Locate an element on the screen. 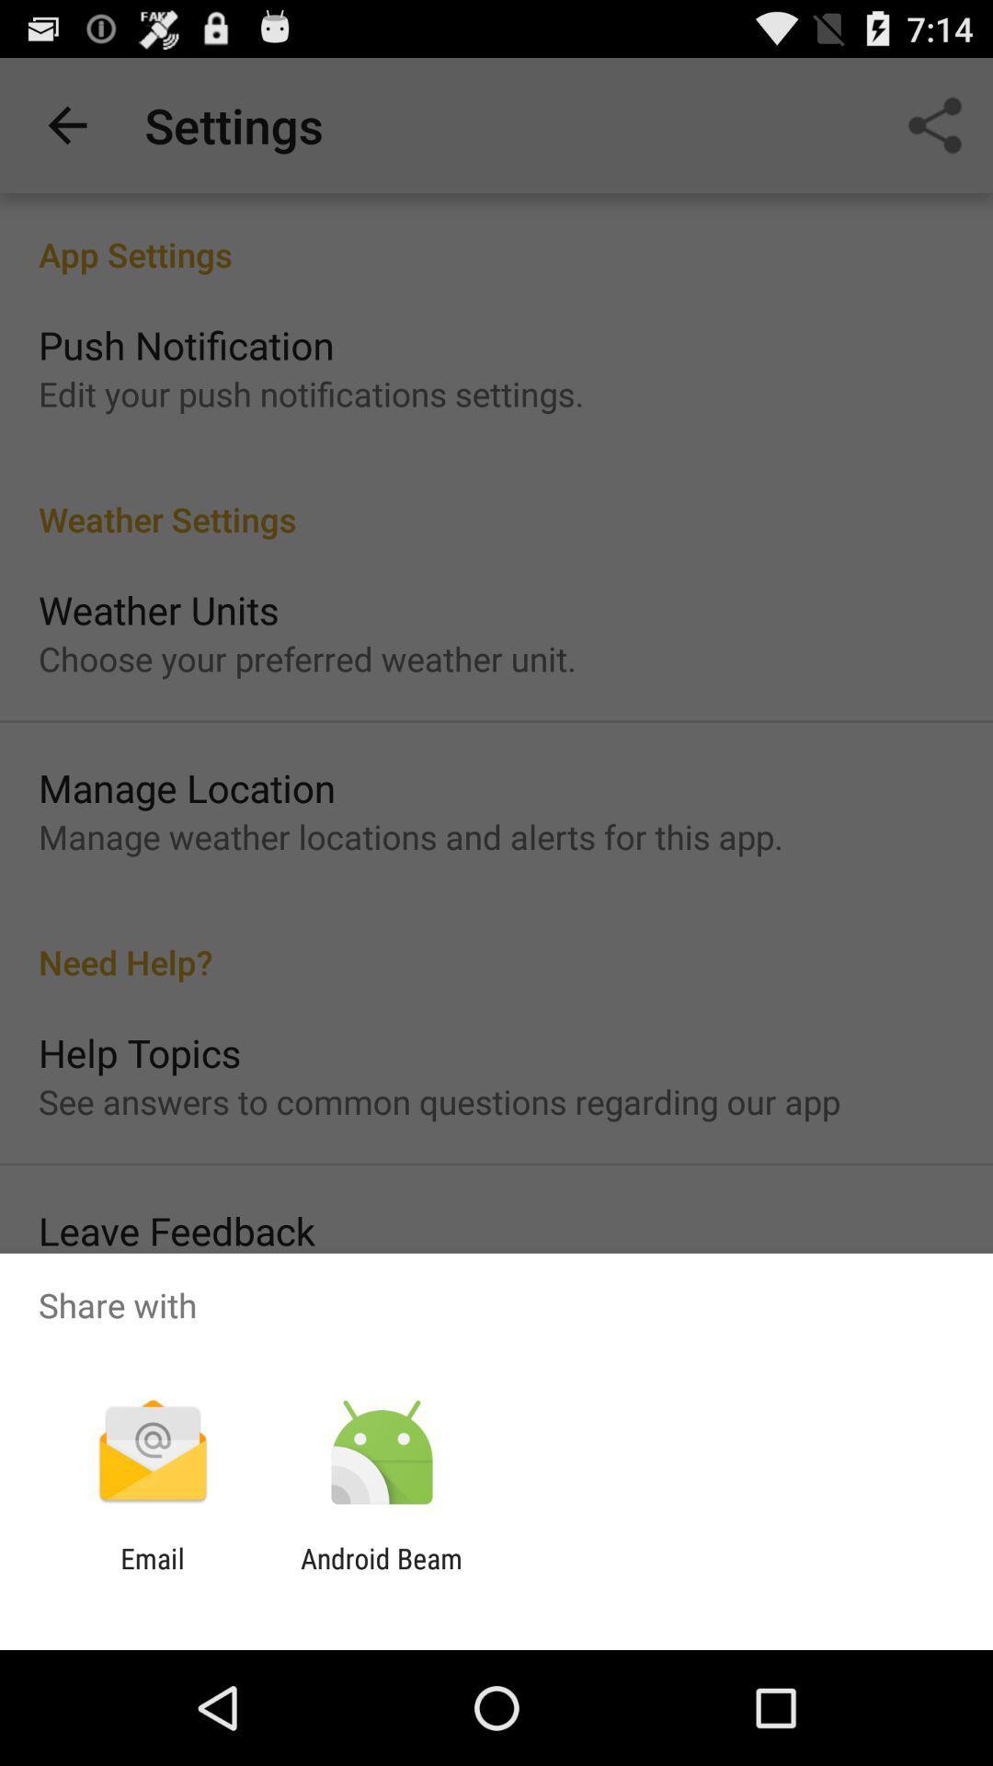 This screenshot has height=1766, width=993. the android beam is located at coordinates (381, 1574).